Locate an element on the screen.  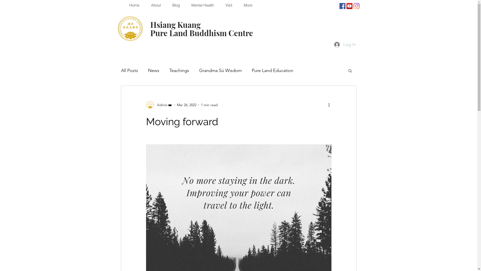
'Blog' is located at coordinates (176, 5).